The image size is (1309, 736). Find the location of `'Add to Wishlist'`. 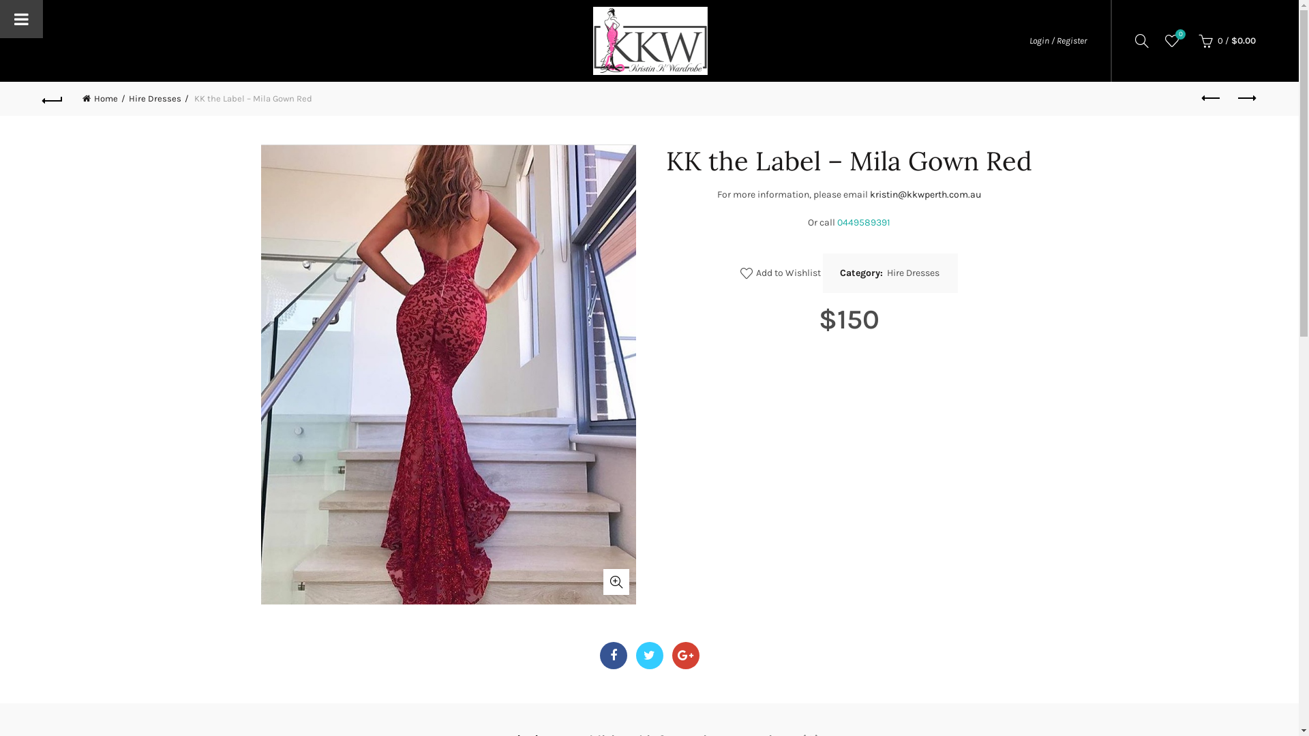

'Add to Wishlist' is located at coordinates (781, 273).